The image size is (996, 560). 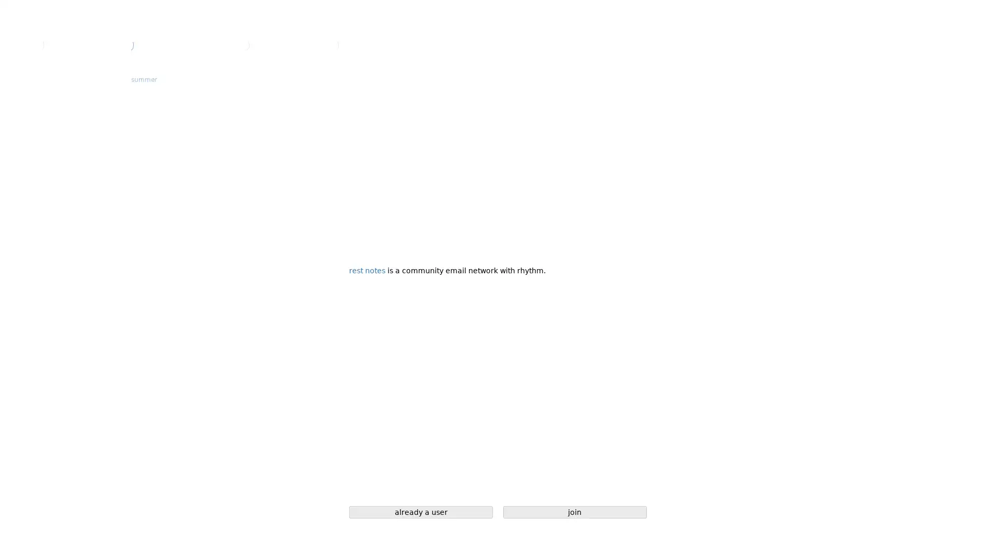 I want to click on join, so click(x=574, y=511).